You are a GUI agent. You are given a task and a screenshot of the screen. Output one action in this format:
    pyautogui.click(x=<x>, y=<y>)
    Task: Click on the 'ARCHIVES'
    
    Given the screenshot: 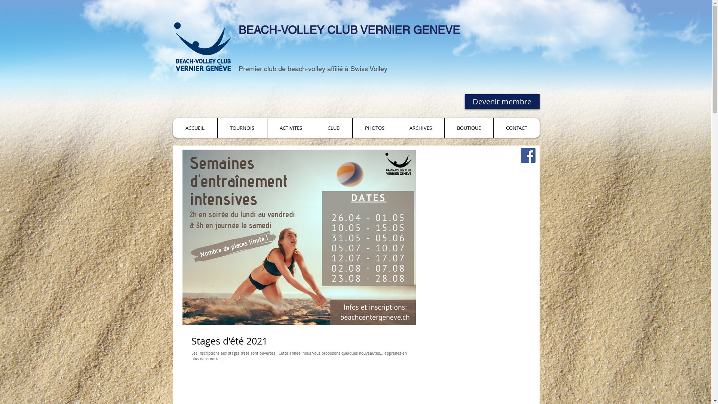 What is the action you would take?
    pyautogui.click(x=420, y=128)
    